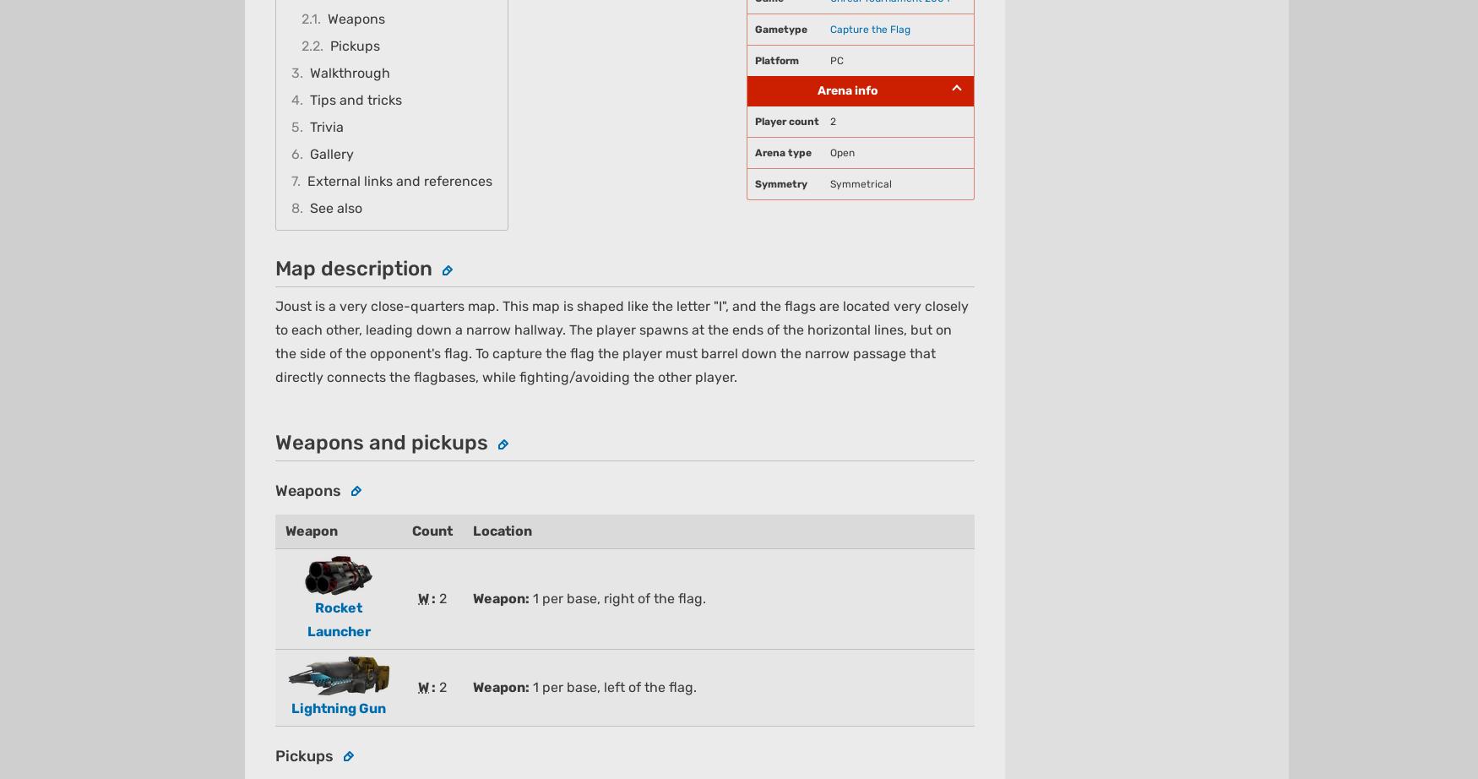 The width and height of the screenshot is (1478, 779). Describe the element at coordinates (786, 736) in the screenshot. I see `'Help'` at that location.